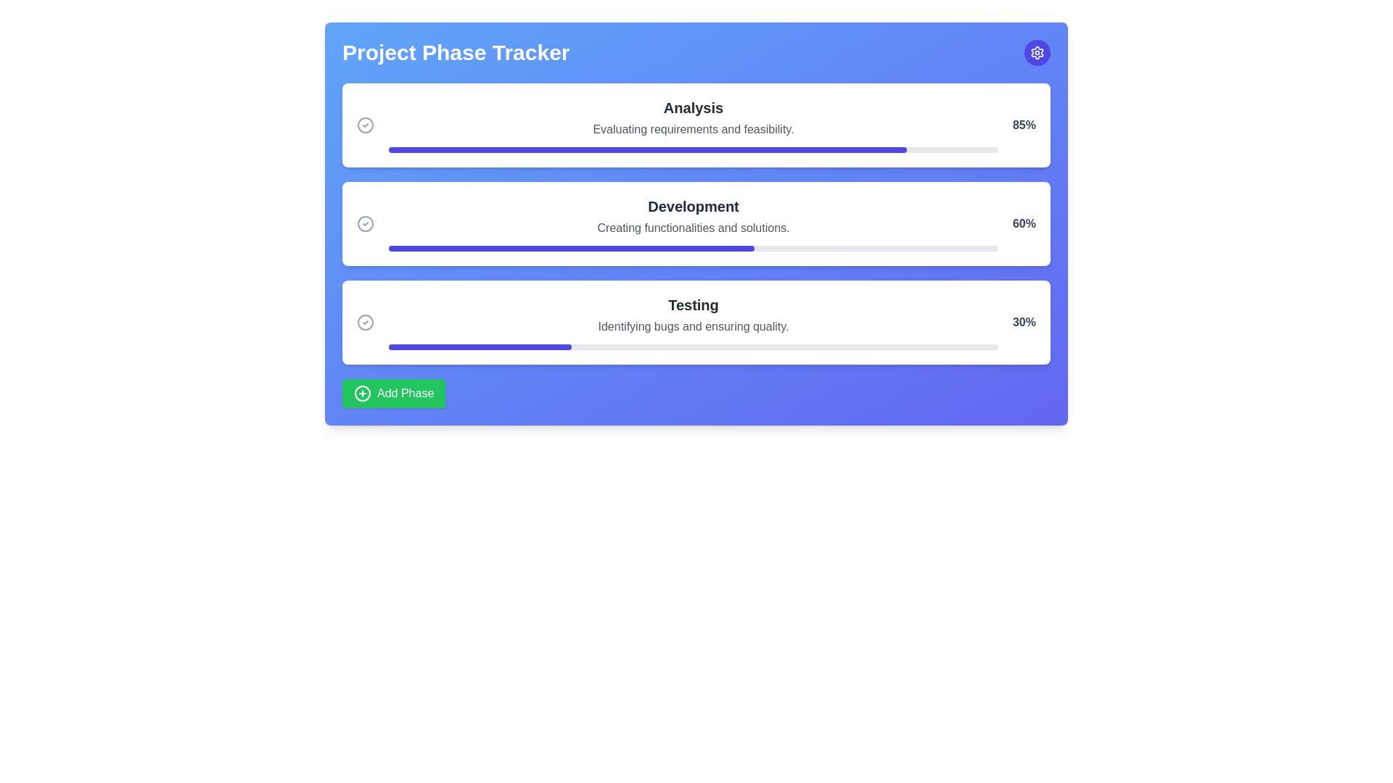  What do you see at coordinates (692, 327) in the screenshot?
I see `the text block containing 'Identifying bugs and ensuring quality.' which is positioned below the 'Testing' heading` at bounding box center [692, 327].